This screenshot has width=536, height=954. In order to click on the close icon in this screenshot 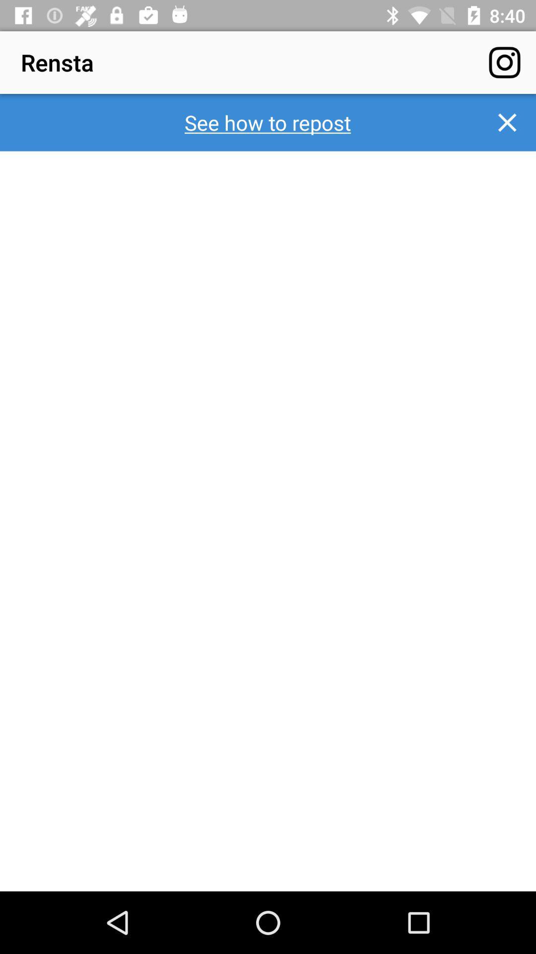, I will do `click(507, 122)`.